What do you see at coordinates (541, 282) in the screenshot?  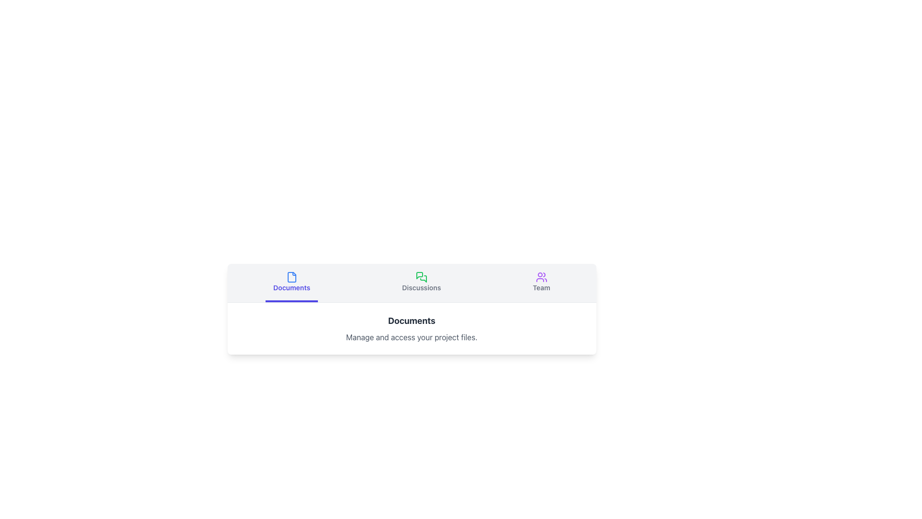 I see `the third button in the horizontal navigation menu labeled 'Team'` at bounding box center [541, 282].